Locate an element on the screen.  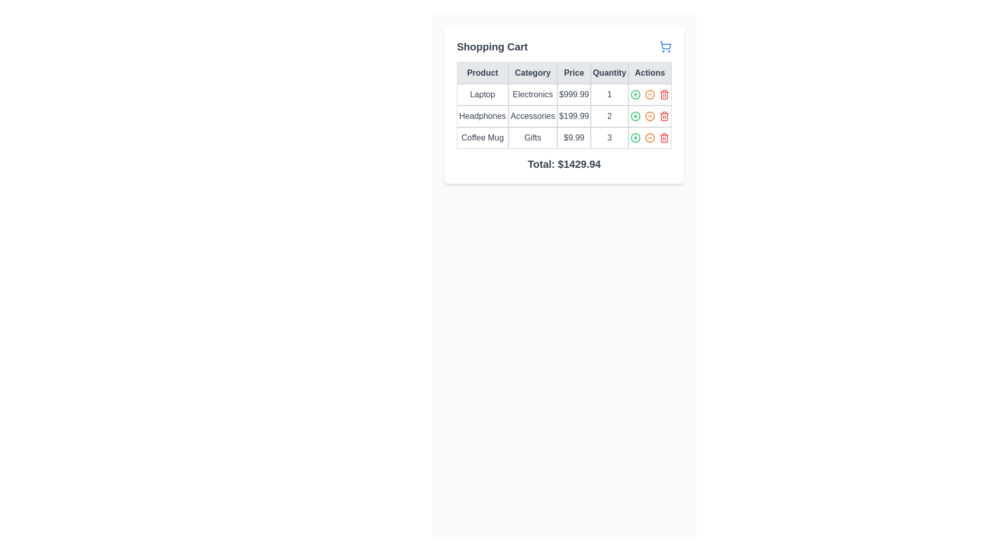
the shopping cart icon located at the top-right corner of the shopping cart interface panel, which serves as the primary graphical representation of cart functionalities is located at coordinates (666, 45).